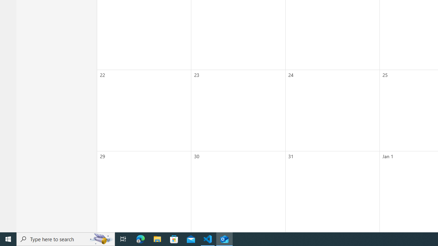 The width and height of the screenshot is (438, 246). What do you see at coordinates (66, 238) in the screenshot?
I see `'Type here to search'` at bounding box center [66, 238].